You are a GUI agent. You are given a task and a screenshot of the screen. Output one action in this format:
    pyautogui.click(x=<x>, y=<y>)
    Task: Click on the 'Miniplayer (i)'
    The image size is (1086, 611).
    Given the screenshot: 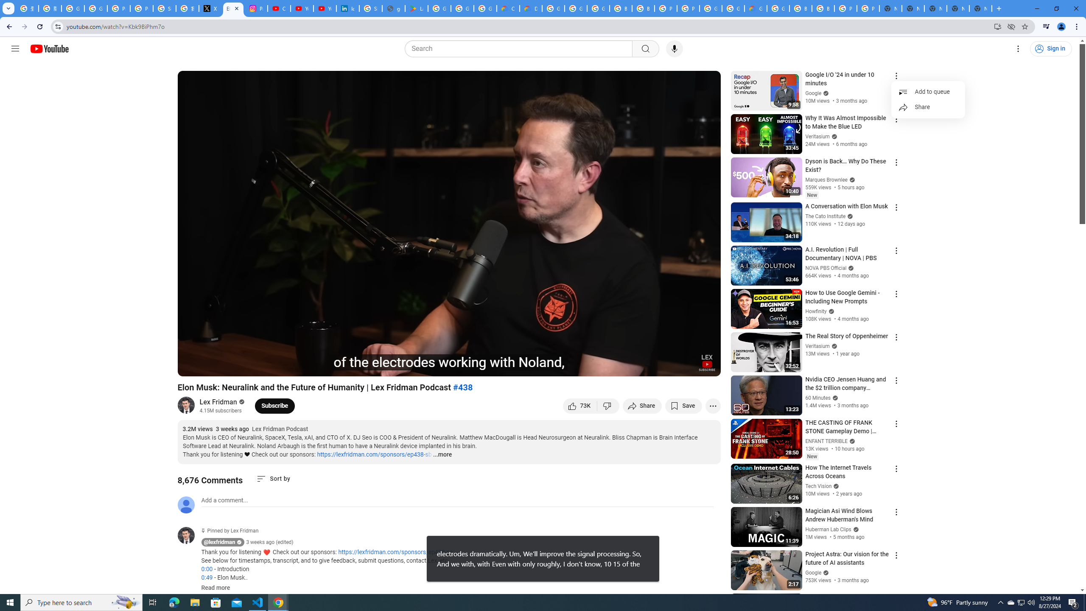 What is the action you would take?
    pyautogui.click(x=664, y=366)
    